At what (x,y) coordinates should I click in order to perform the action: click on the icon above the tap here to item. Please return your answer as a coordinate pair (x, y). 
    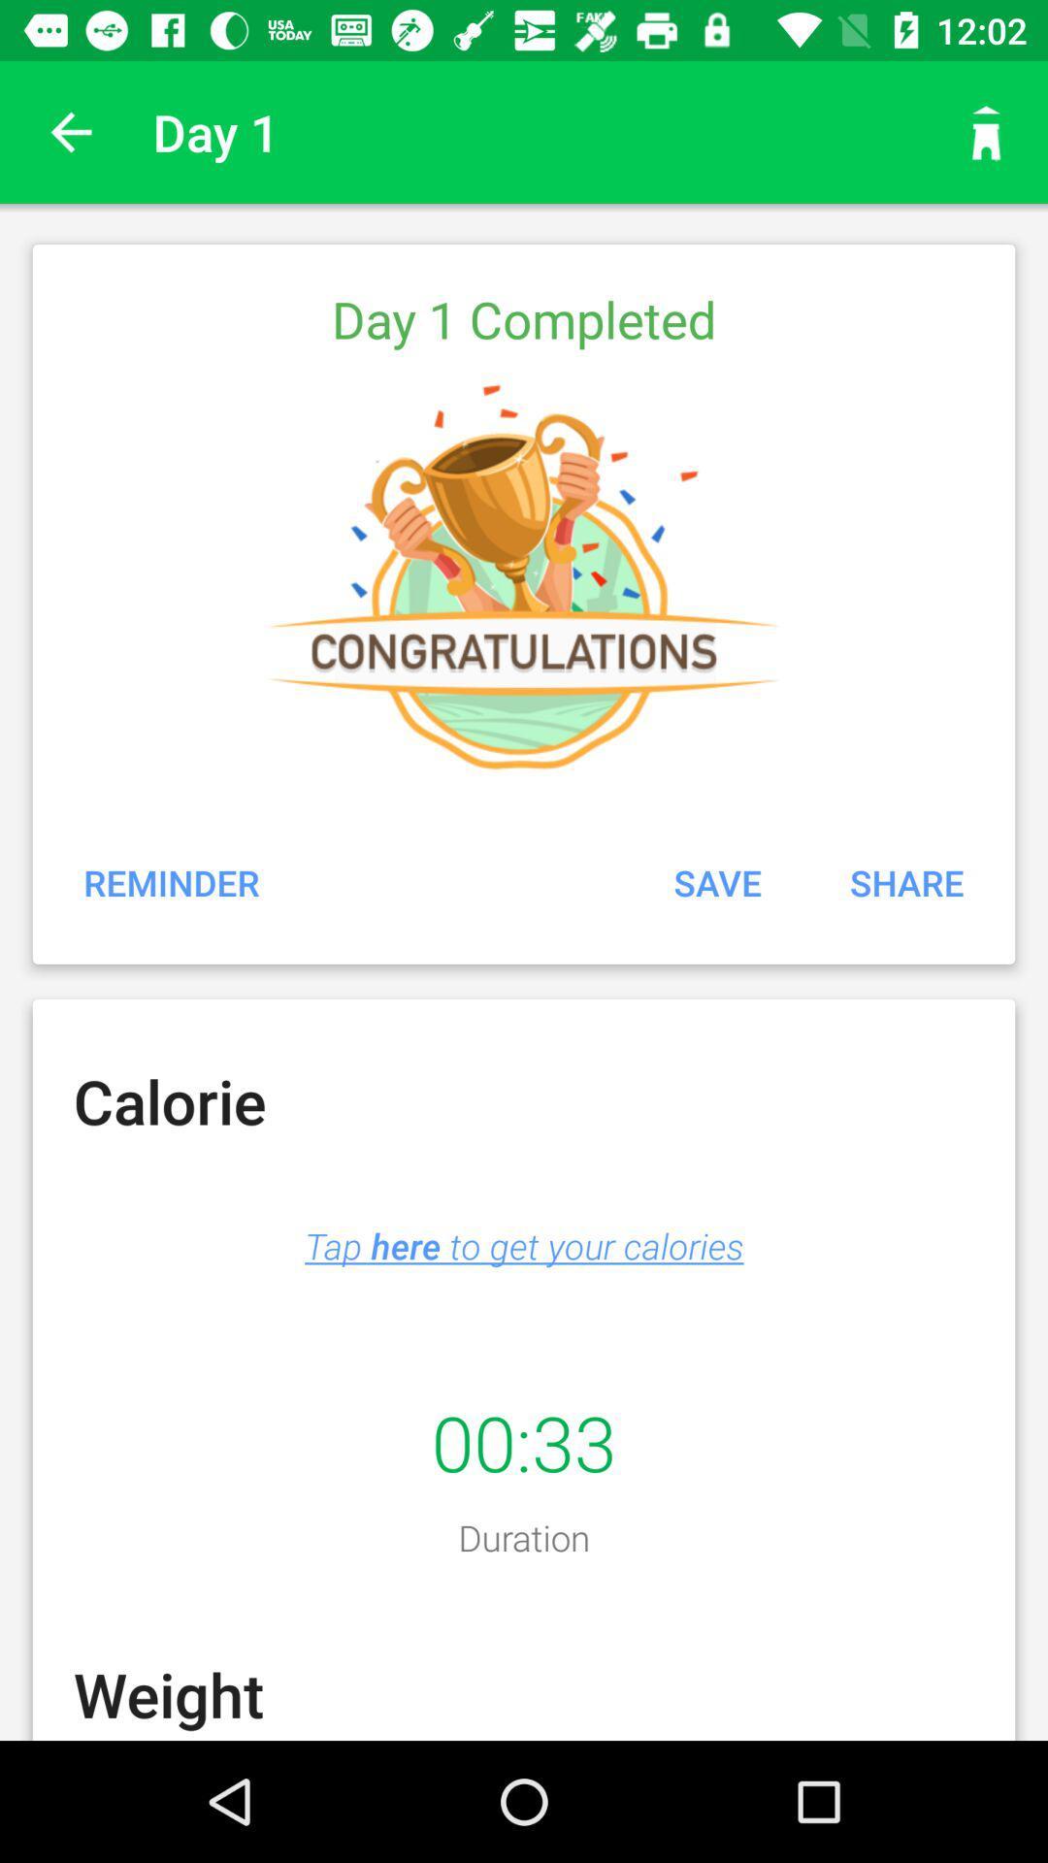
    Looking at the image, I should click on (717, 881).